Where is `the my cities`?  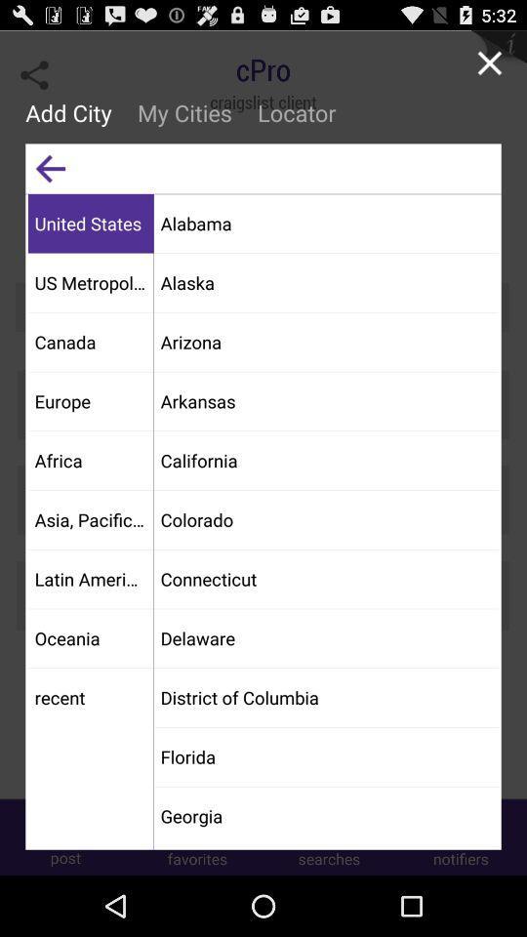
the my cities is located at coordinates (184, 112).